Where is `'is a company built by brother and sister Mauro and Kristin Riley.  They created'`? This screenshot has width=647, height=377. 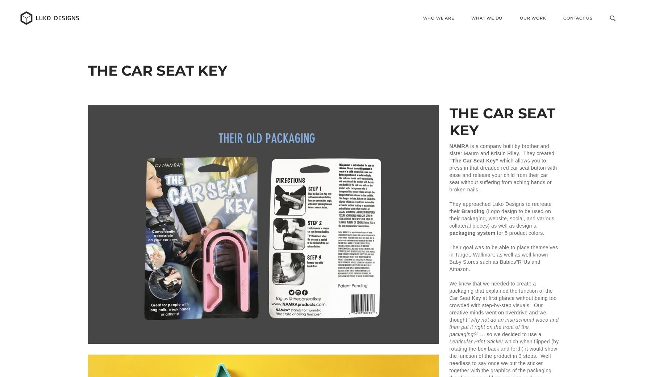 'is a company built by brother and sister Mauro and Kristin Riley.  They created' is located at coordinates (501, 149).